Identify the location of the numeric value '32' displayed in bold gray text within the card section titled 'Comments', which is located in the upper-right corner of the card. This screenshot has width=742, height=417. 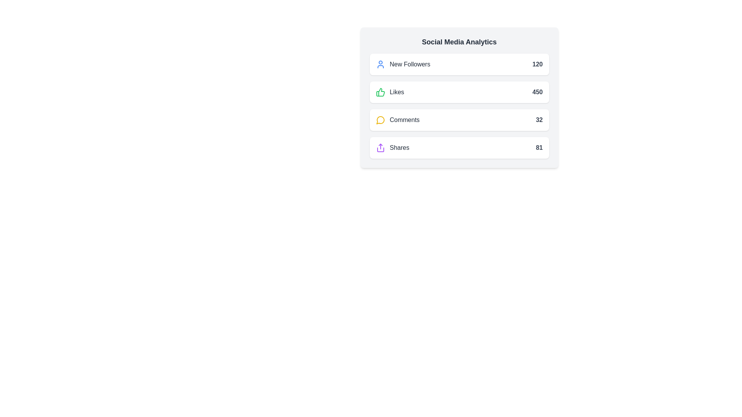
(539, 120).